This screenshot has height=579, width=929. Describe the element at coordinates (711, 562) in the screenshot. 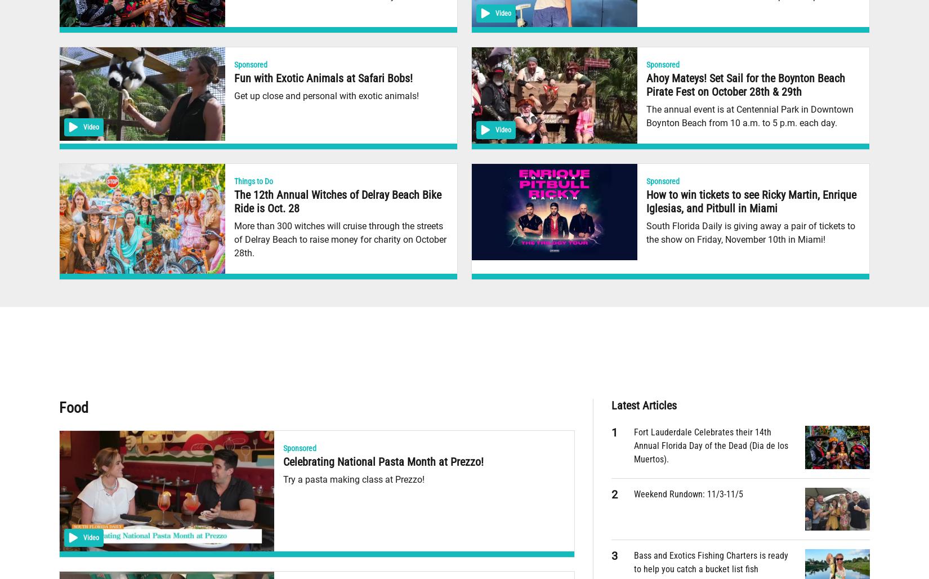

I see `'Bass and Exotics Fishing Charters is ready to help you catch a bucket list fish'` at that location.